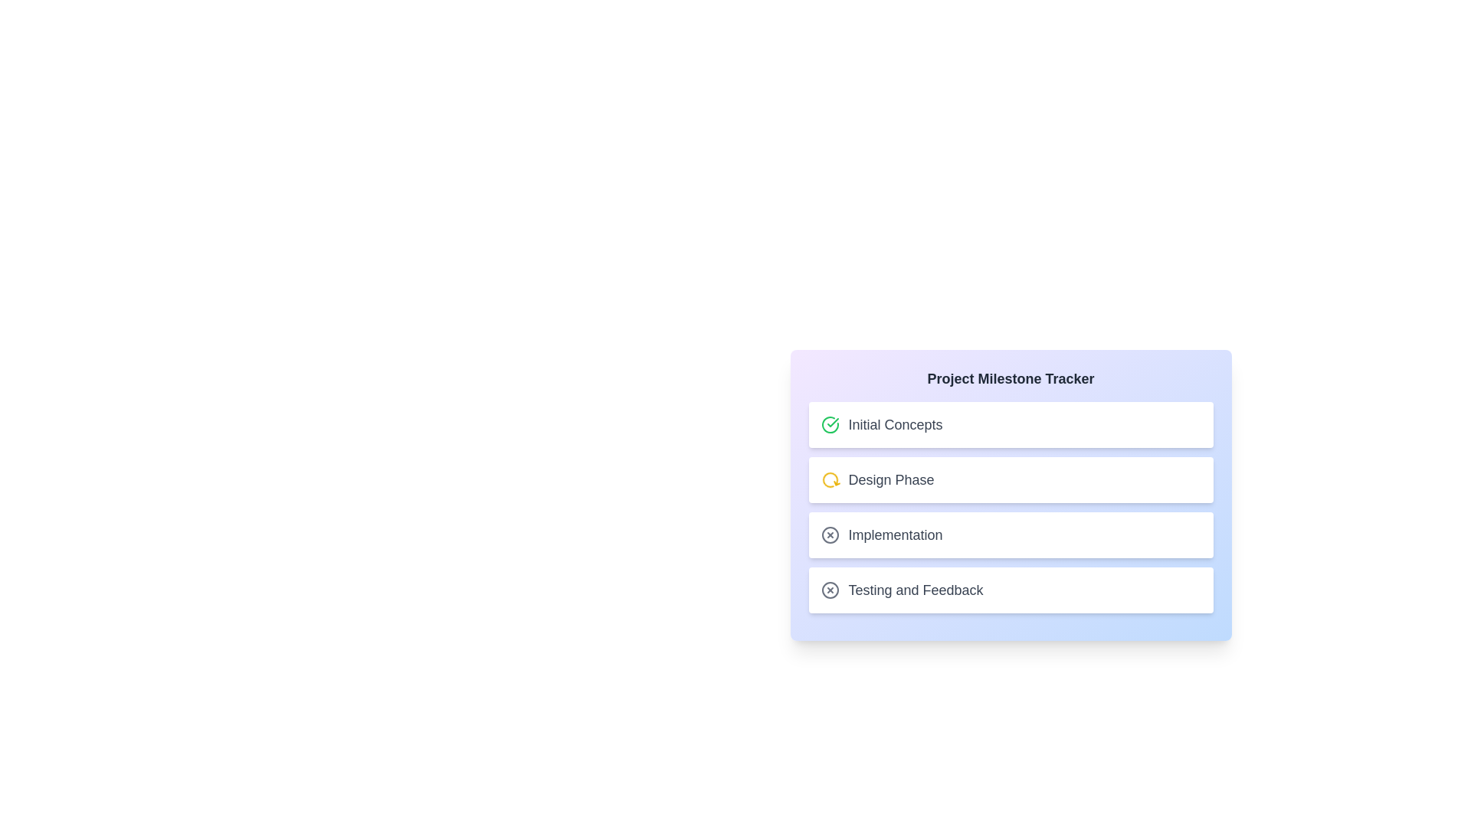 The image size is (1471, 827). I want to click on the Circle element within the SVG graphic that is part of the 'Project Milestone Tracker' section, located next to the label 'Implementation', so click(829, 590).